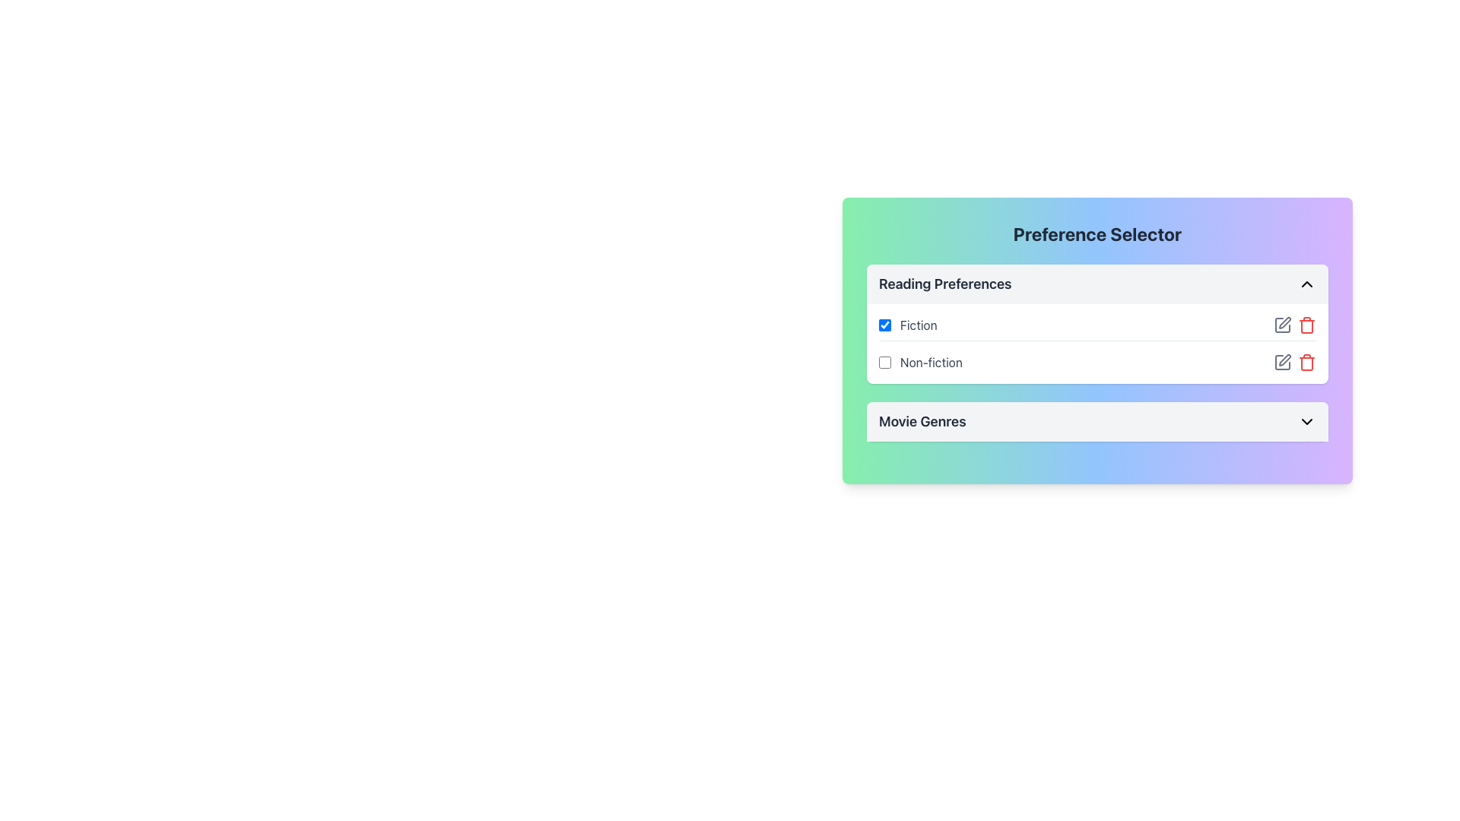  I want to click on the blue checkbox labeled 'Fiction', so click(908, 325).